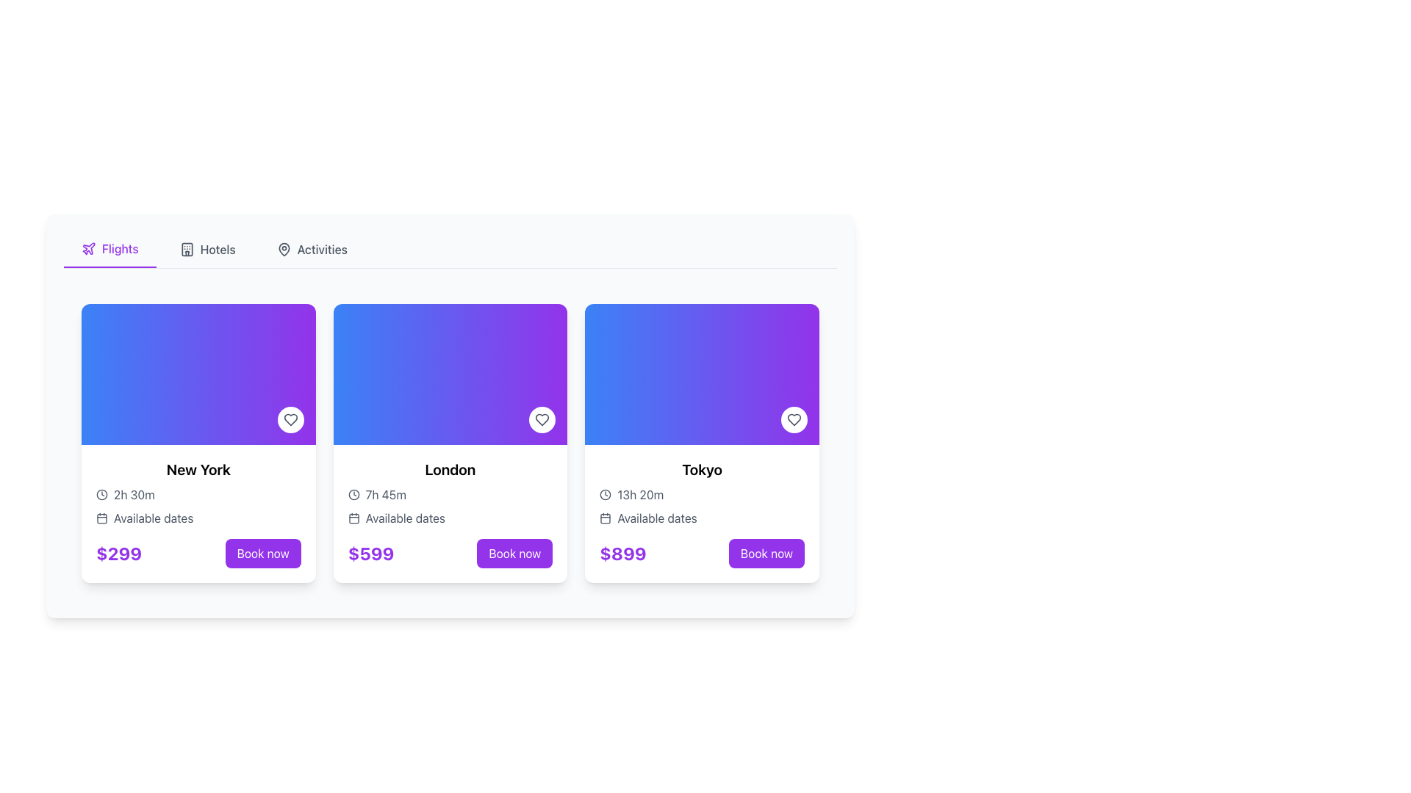  Describe the element at coordinates (656, 517) in the screenshot. I see `the text label indicating the availability of dates for the Tokyo trip, which is located below the duration text '13h 20m' and to the right of the calendar icon` at that location.